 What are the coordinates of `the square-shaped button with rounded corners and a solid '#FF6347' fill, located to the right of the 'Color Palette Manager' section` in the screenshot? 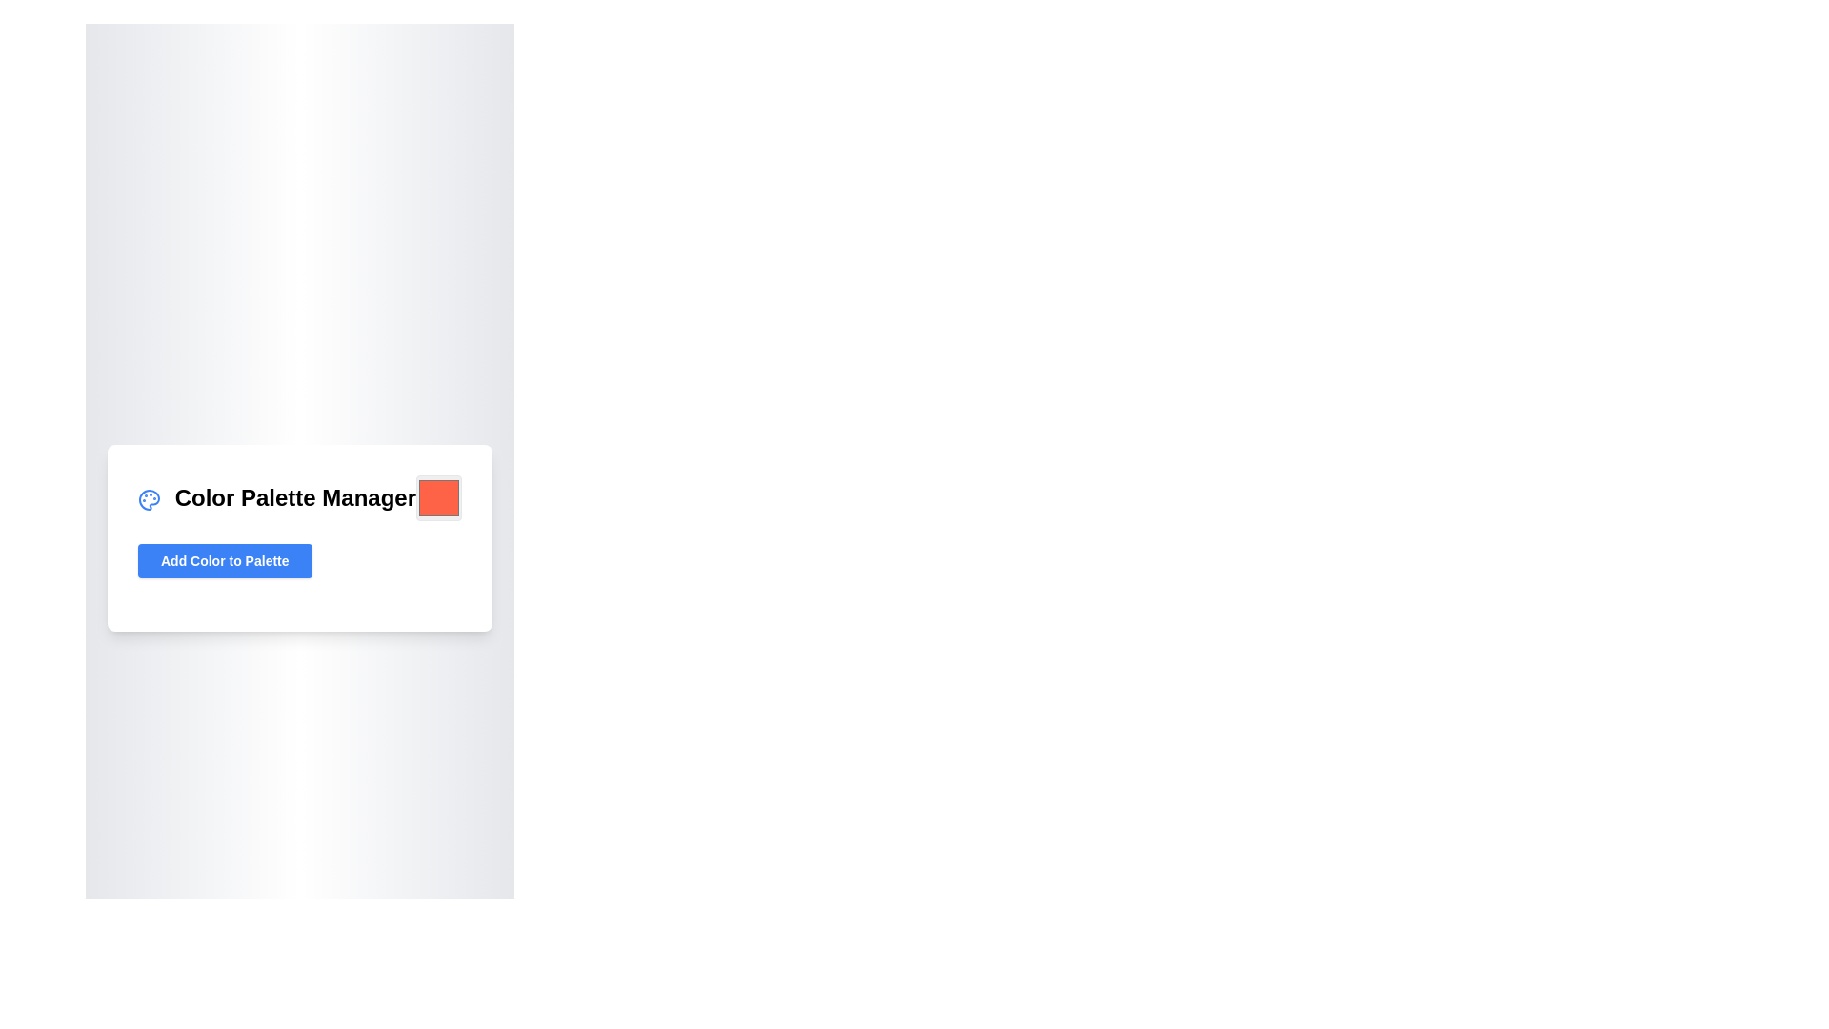 It's located at (437, 497).